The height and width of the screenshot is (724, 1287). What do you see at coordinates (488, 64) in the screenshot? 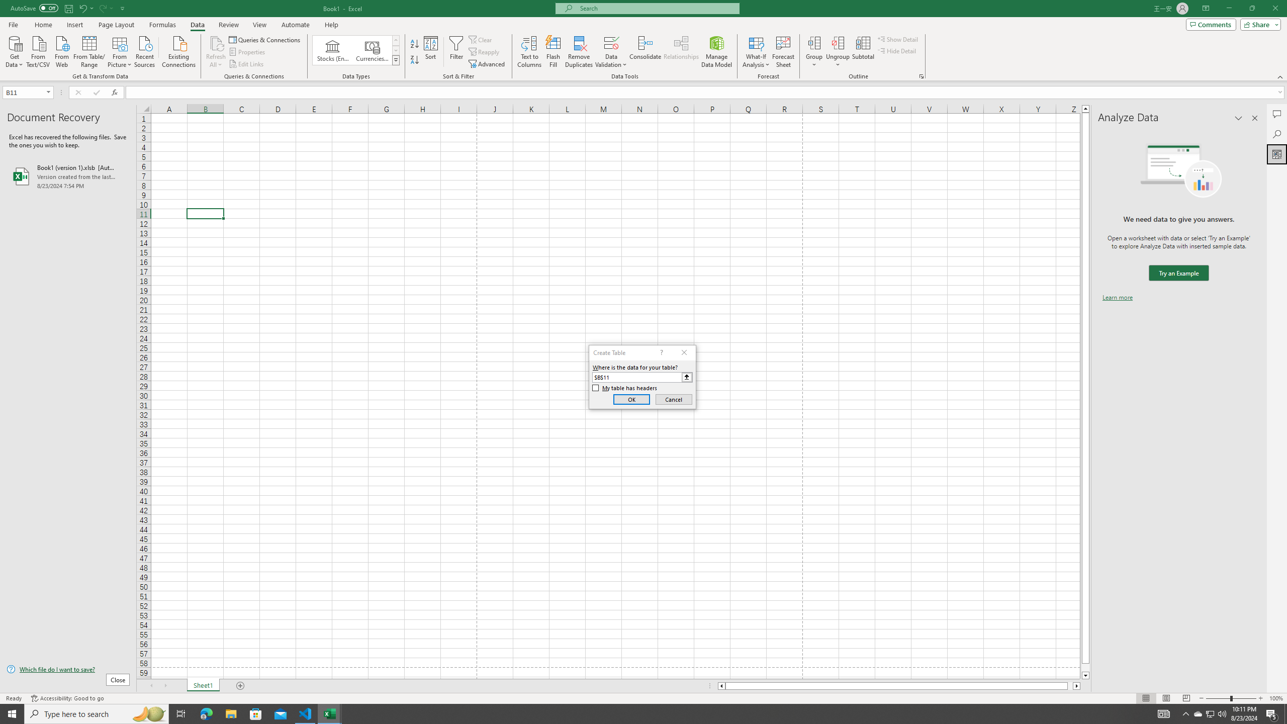
I see `'Advanced...'` at bounding box center [488, 64].